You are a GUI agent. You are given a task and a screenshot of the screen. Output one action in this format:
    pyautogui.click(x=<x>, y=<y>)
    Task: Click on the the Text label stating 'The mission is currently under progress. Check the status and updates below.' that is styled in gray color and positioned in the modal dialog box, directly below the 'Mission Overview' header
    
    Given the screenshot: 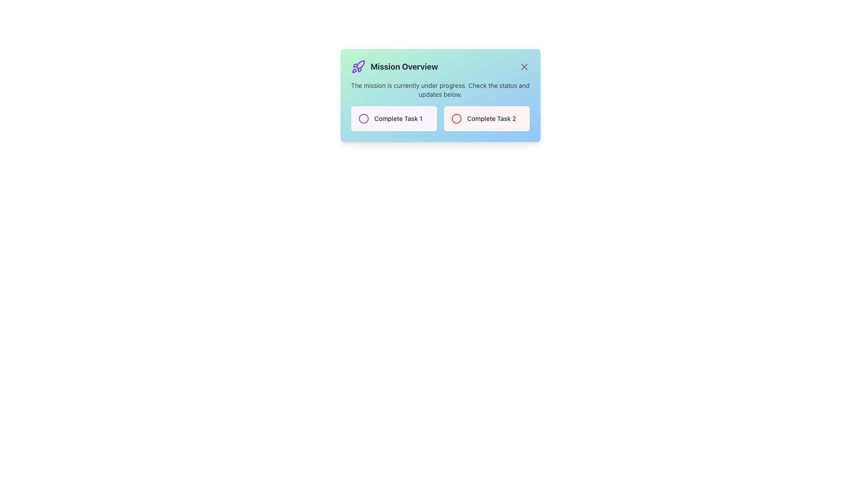 What is the action you would take?
    pyautogui.click(x=440, y=90)
    